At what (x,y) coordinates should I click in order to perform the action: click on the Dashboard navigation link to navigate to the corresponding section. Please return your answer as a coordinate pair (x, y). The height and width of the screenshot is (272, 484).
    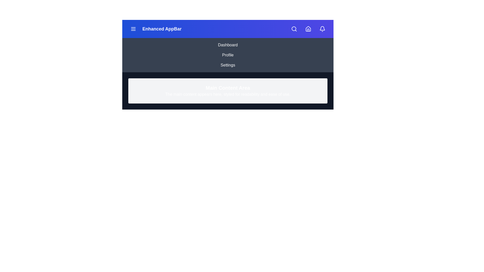
    Looking at the image, I should click on (227, 45).